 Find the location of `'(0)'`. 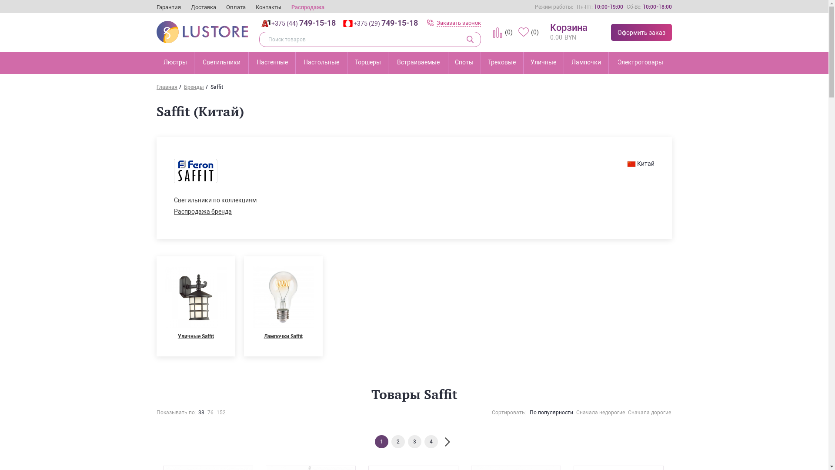

'(0)' is located at coordinates (528, 32).